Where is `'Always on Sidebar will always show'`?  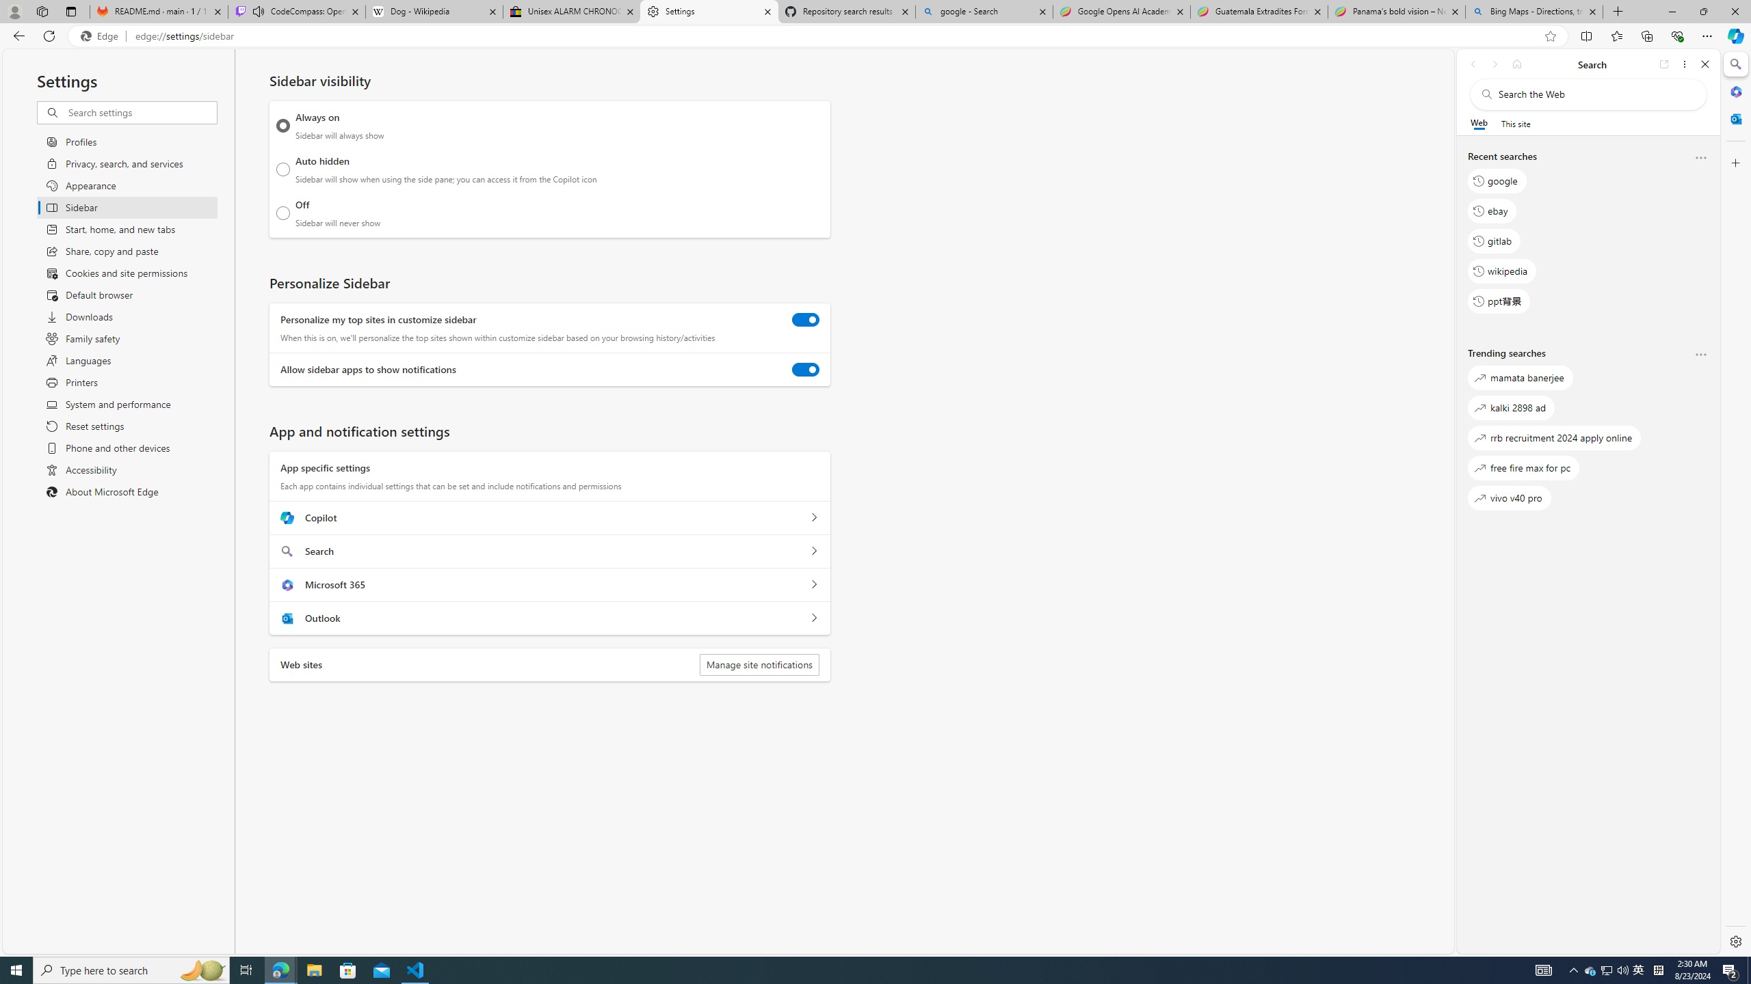 'Always on Sidebar will always show' is located at coordinates (282, 125).